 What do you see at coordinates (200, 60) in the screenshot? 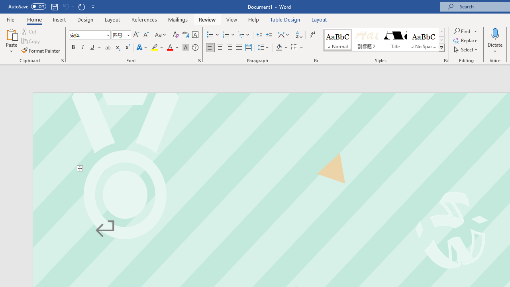
I see `'Font...'` at bounding box center [200, 60].